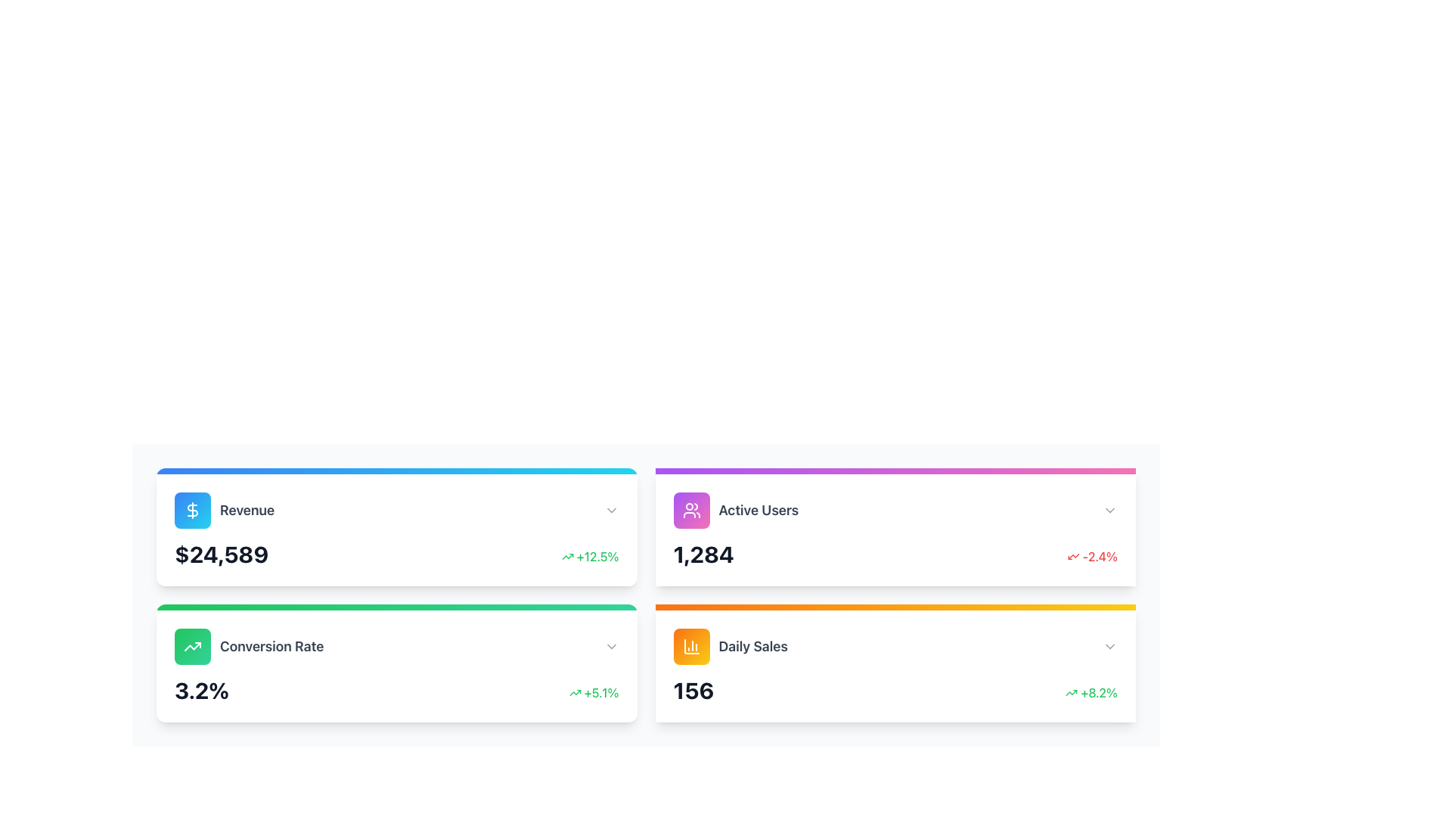 The height and width of the screenshot is (817, 1452). I want to click on the text element displaying '+8.2%' in green font, located in the bottom-right card of a 2x2 grid layout, so click(1099, 692).